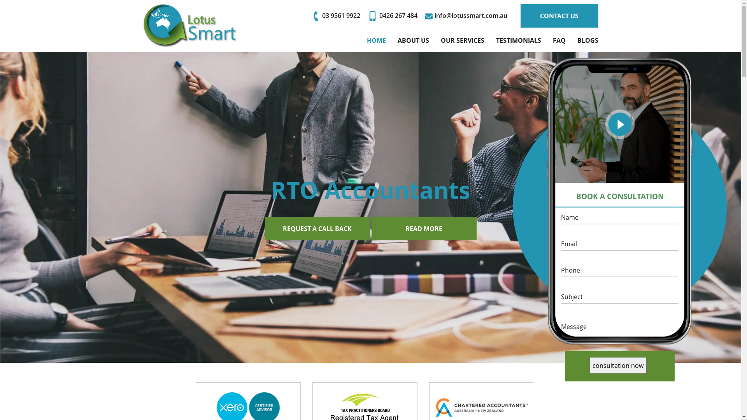 The width and height of the screenshot is (747, 420). Describe the element at coordinates (336, 15) in the screenshot. I see `'03 9561 9922'` at that location.